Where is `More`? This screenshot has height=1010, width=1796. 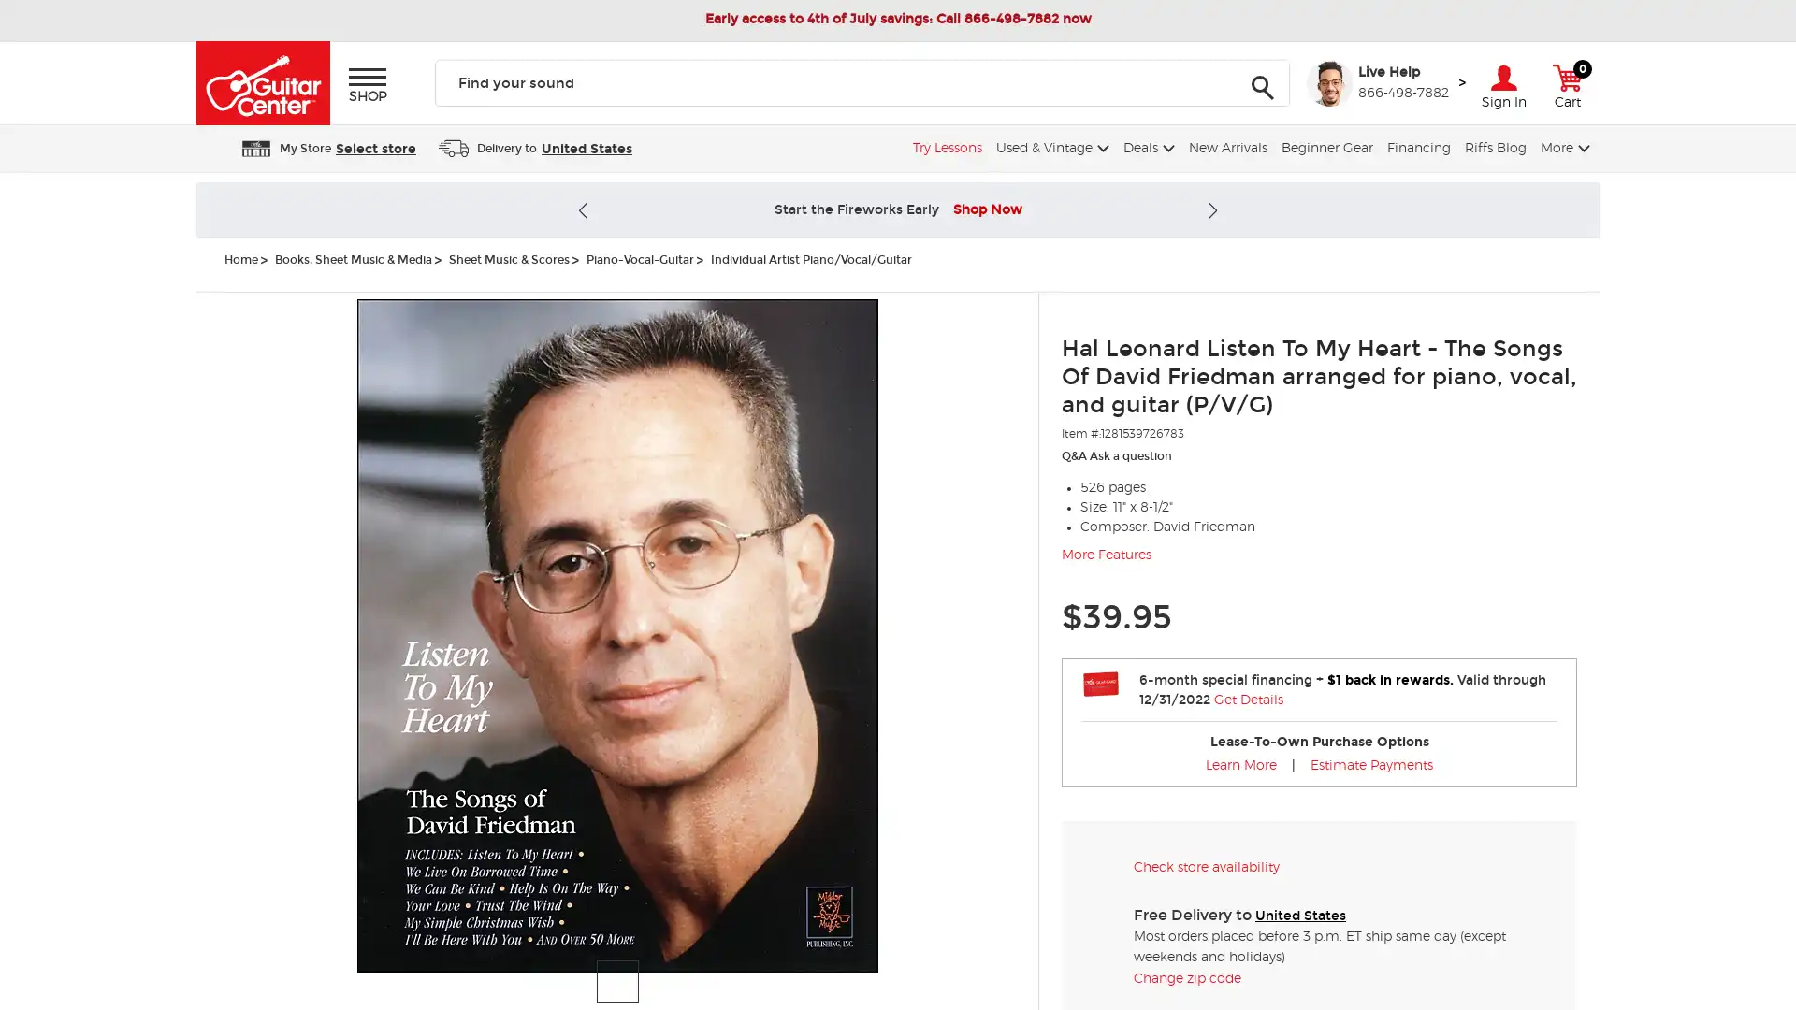
More is located at coordinates (1562, 147).